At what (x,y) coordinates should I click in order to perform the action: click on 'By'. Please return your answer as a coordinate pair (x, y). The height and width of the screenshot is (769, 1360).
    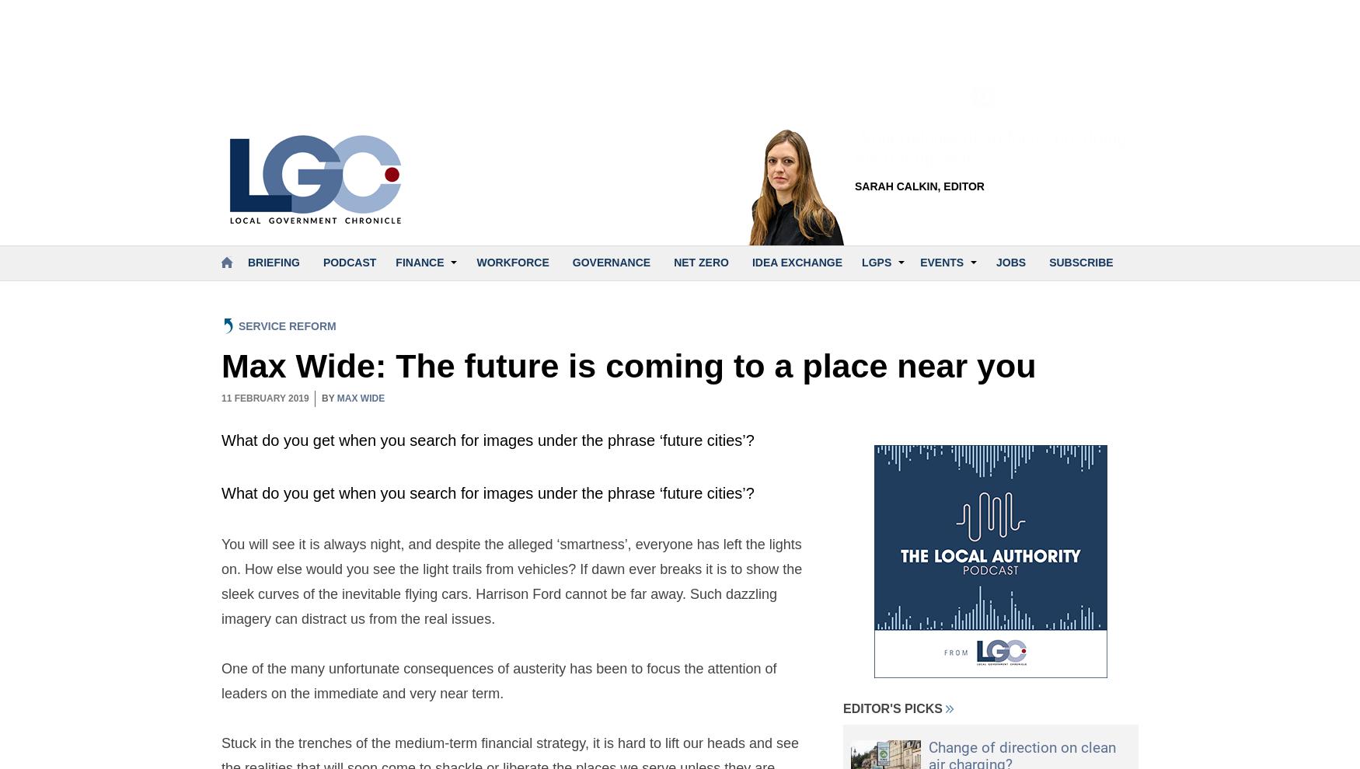
    Looking at the image, I should click on (328, 397).